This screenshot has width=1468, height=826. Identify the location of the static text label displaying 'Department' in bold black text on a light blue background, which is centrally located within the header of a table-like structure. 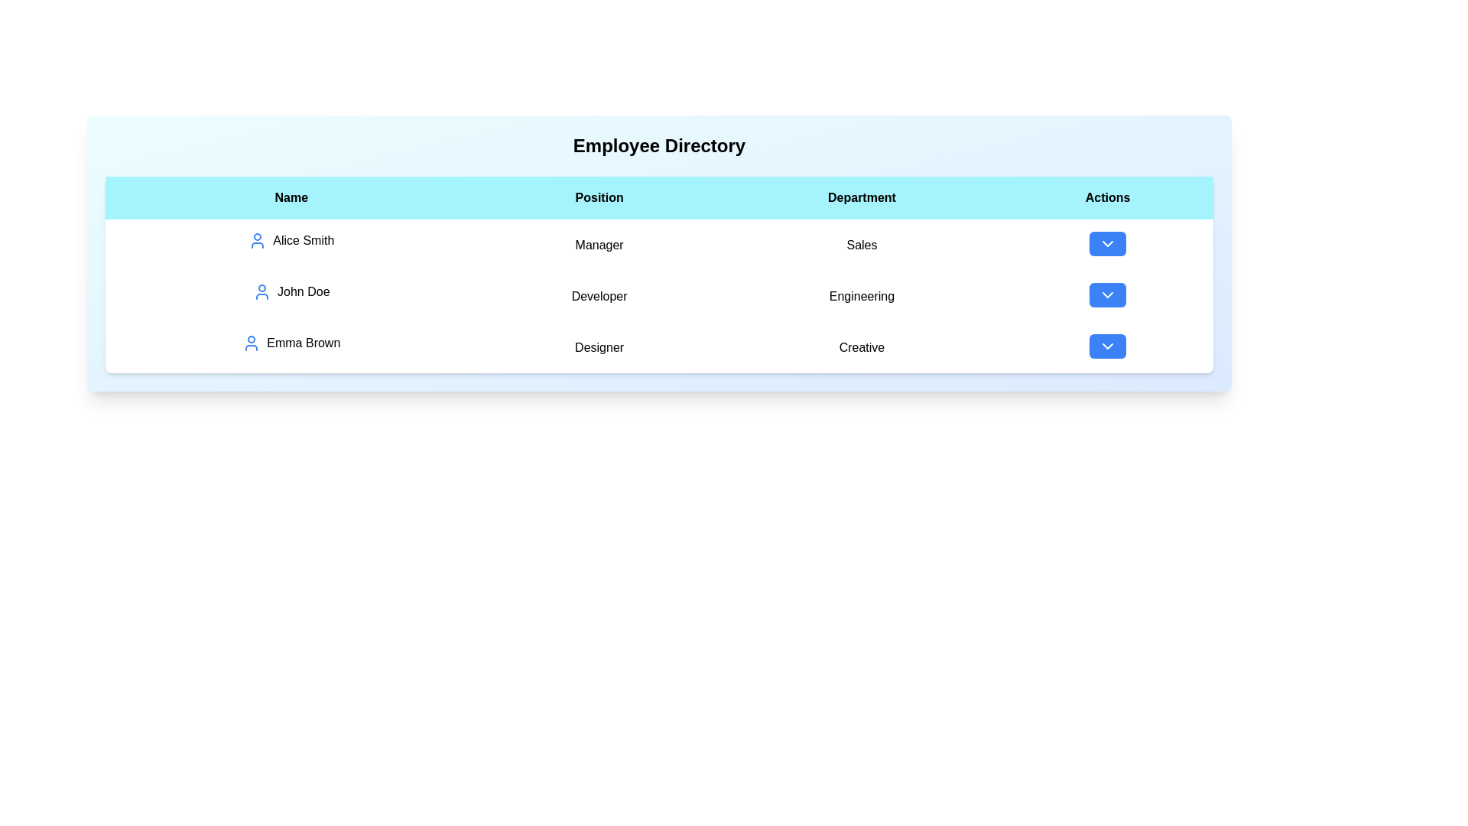
(862, 197).